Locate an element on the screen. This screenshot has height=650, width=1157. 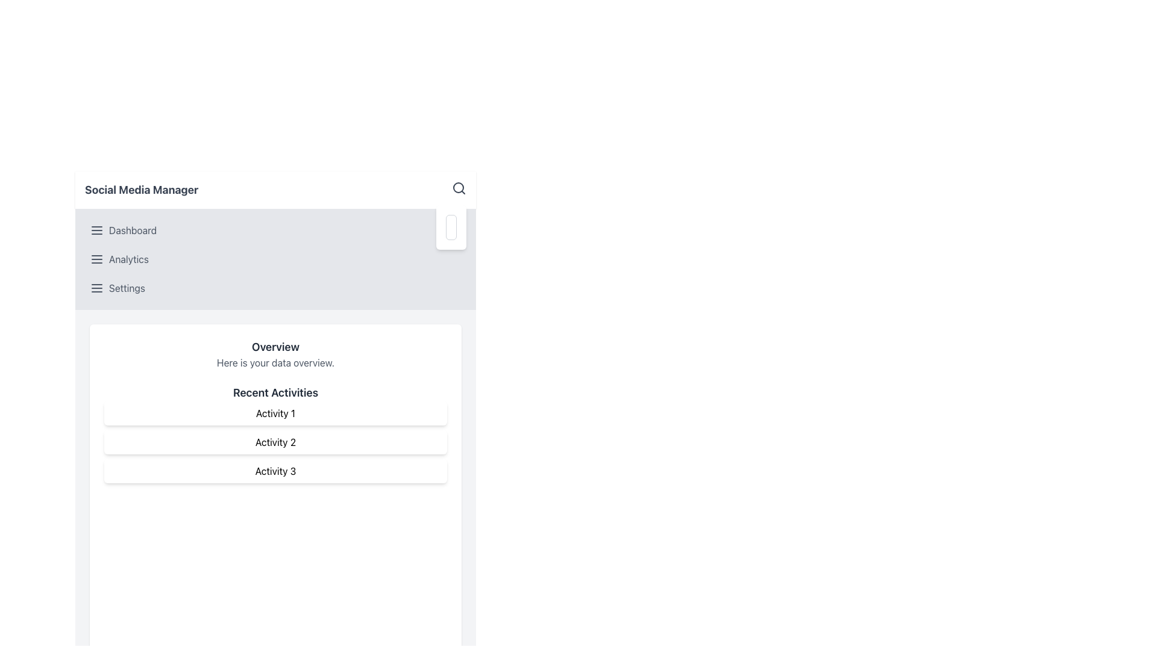
the static text label indicating 'Activity 2', which is the second item in a vertical list of activities is located at coordinates (275, 442).